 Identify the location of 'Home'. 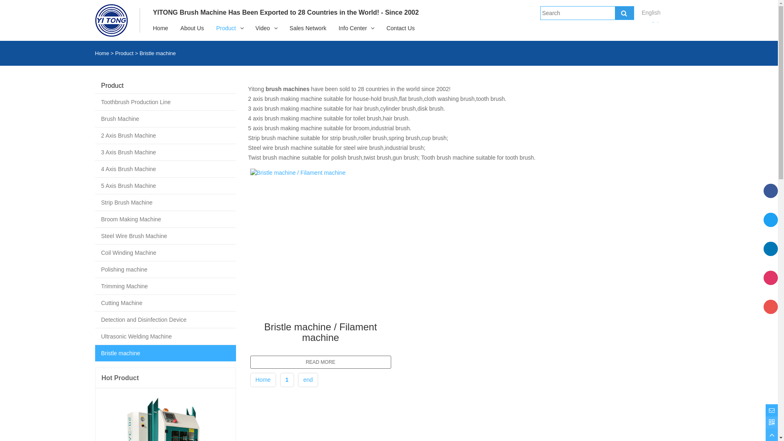
(101, 53).